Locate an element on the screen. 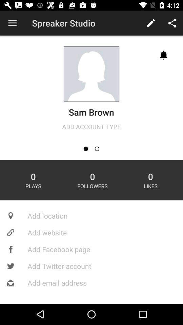  the icon below the add location is located at coordinates (91, 232).